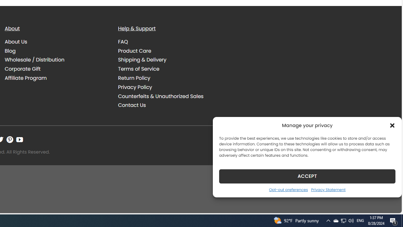 This screenshot has width=403, height=227. I want to click on 'Privacy Statement', so click(328, 189).